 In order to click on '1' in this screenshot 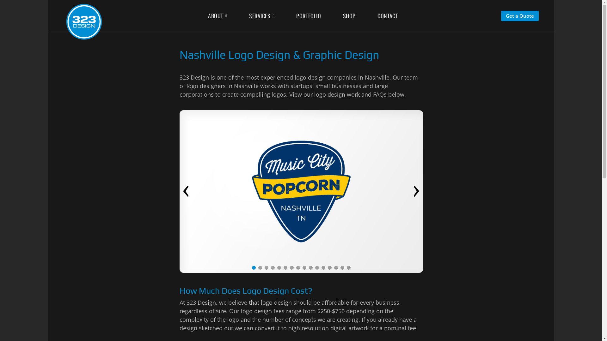, I will do `click(253, 268)`.